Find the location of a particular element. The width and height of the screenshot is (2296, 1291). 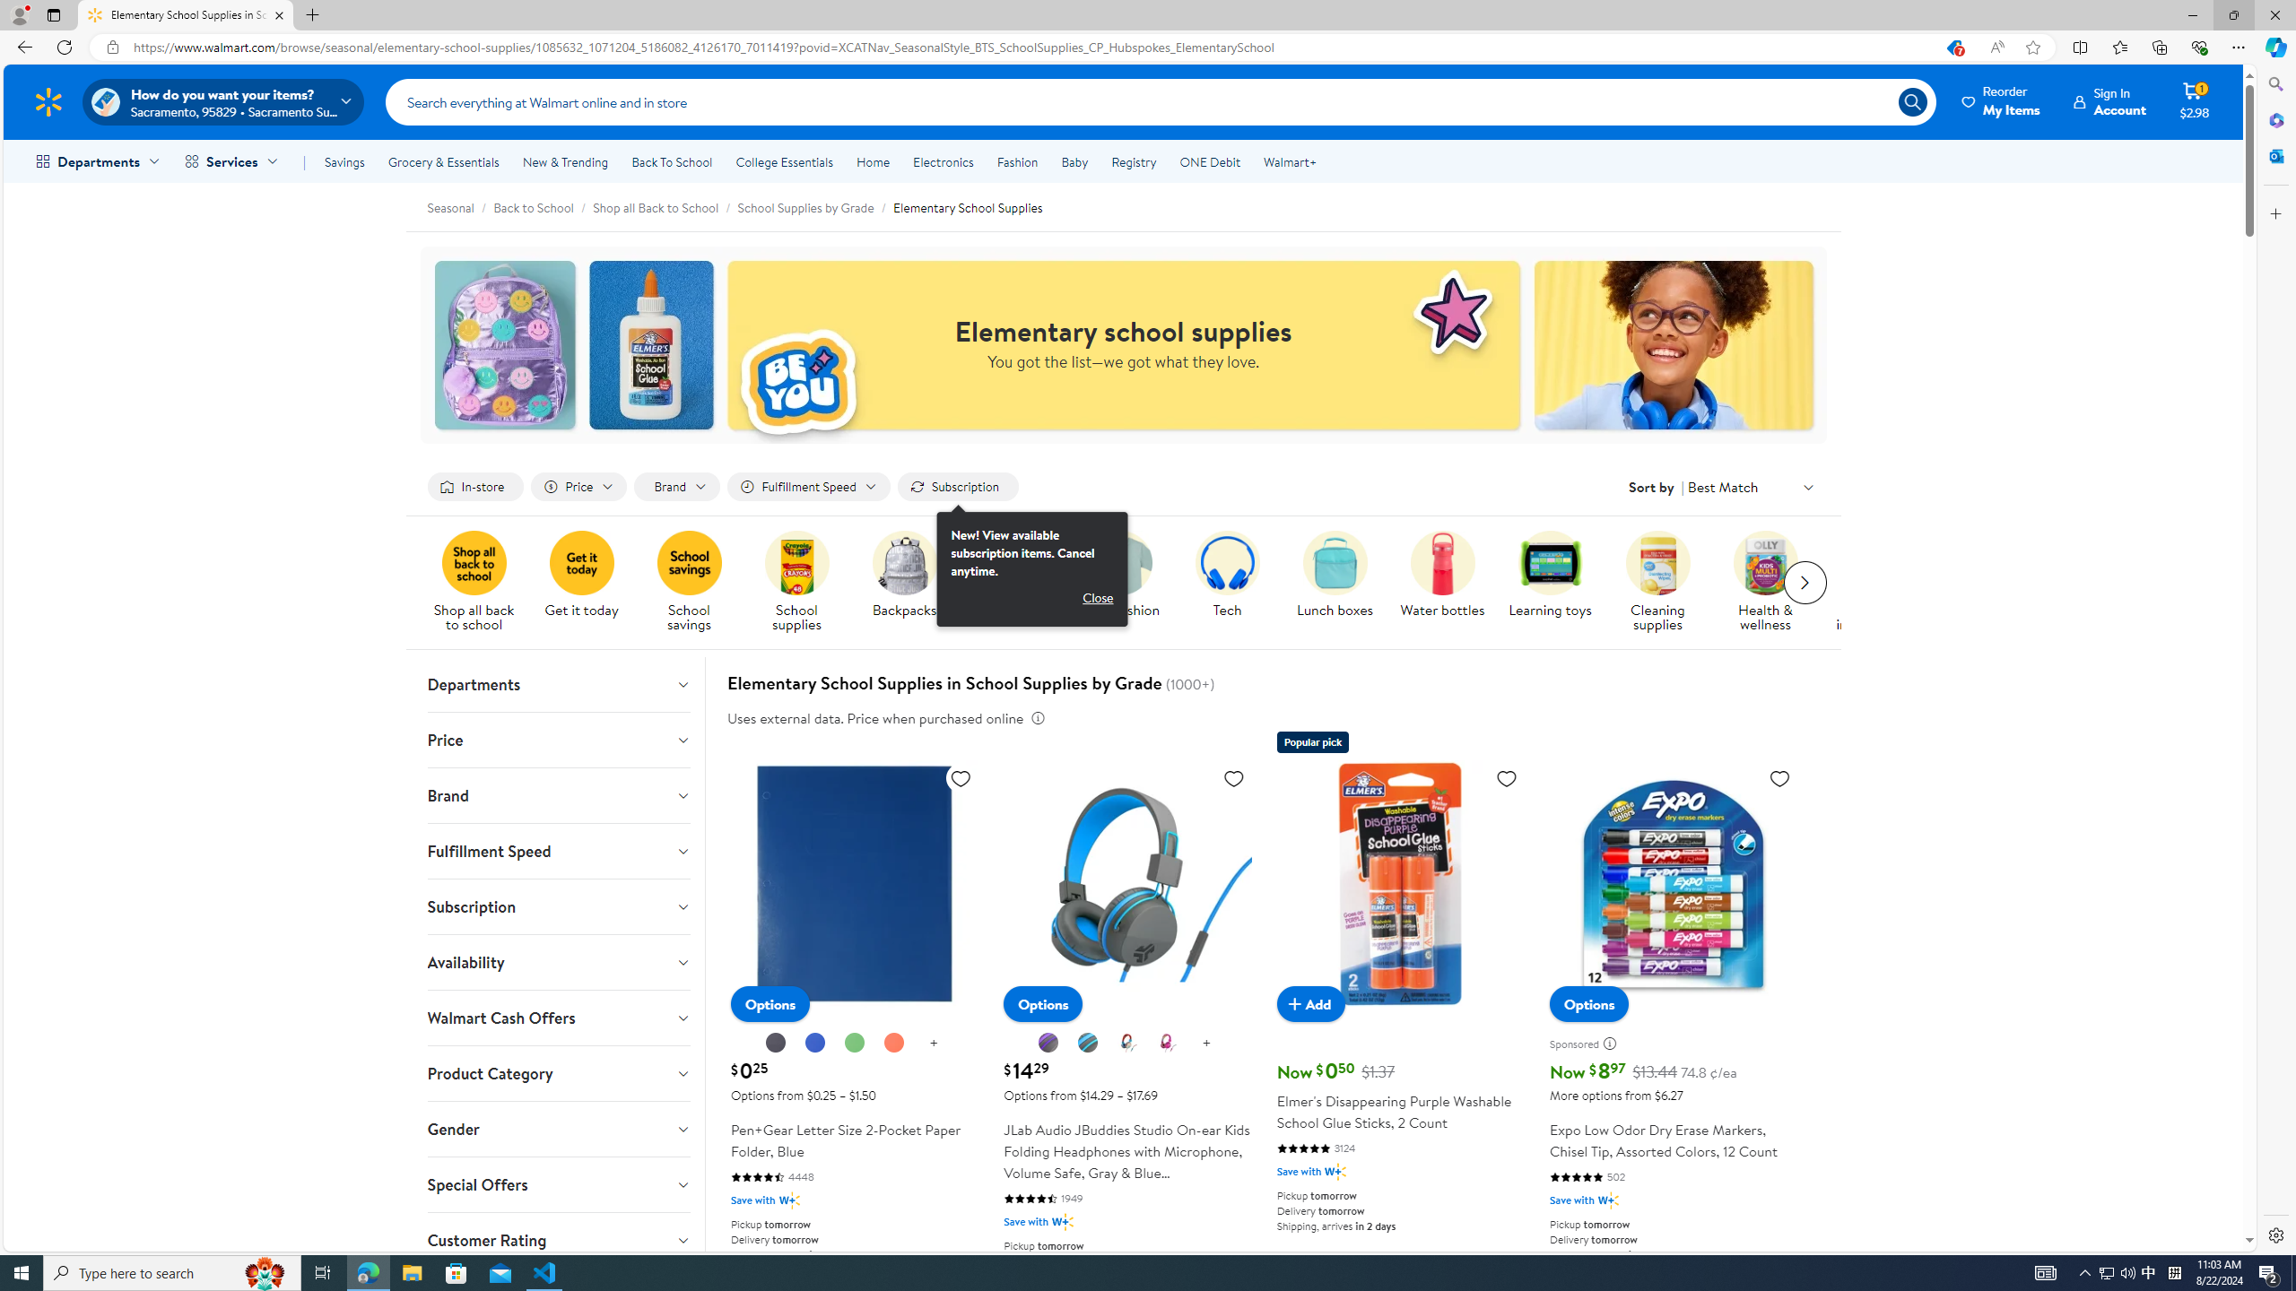

'Grocery & Essentials' is located at coordinates (442, 161).